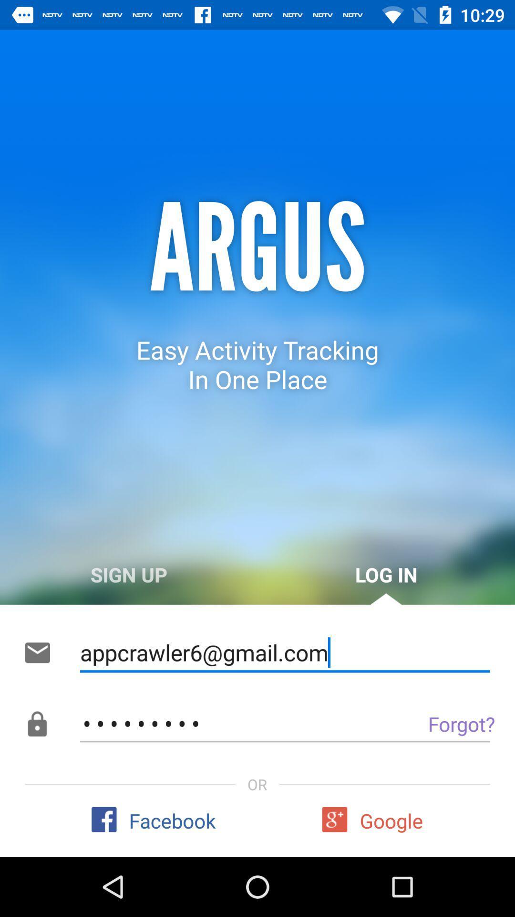 This screenshot has width=515, height=917. What do you see at coordinates (386, 574) in the screenshot?
I see `item above appcrawler6@gmail.com` at bounding box center [386, 574].